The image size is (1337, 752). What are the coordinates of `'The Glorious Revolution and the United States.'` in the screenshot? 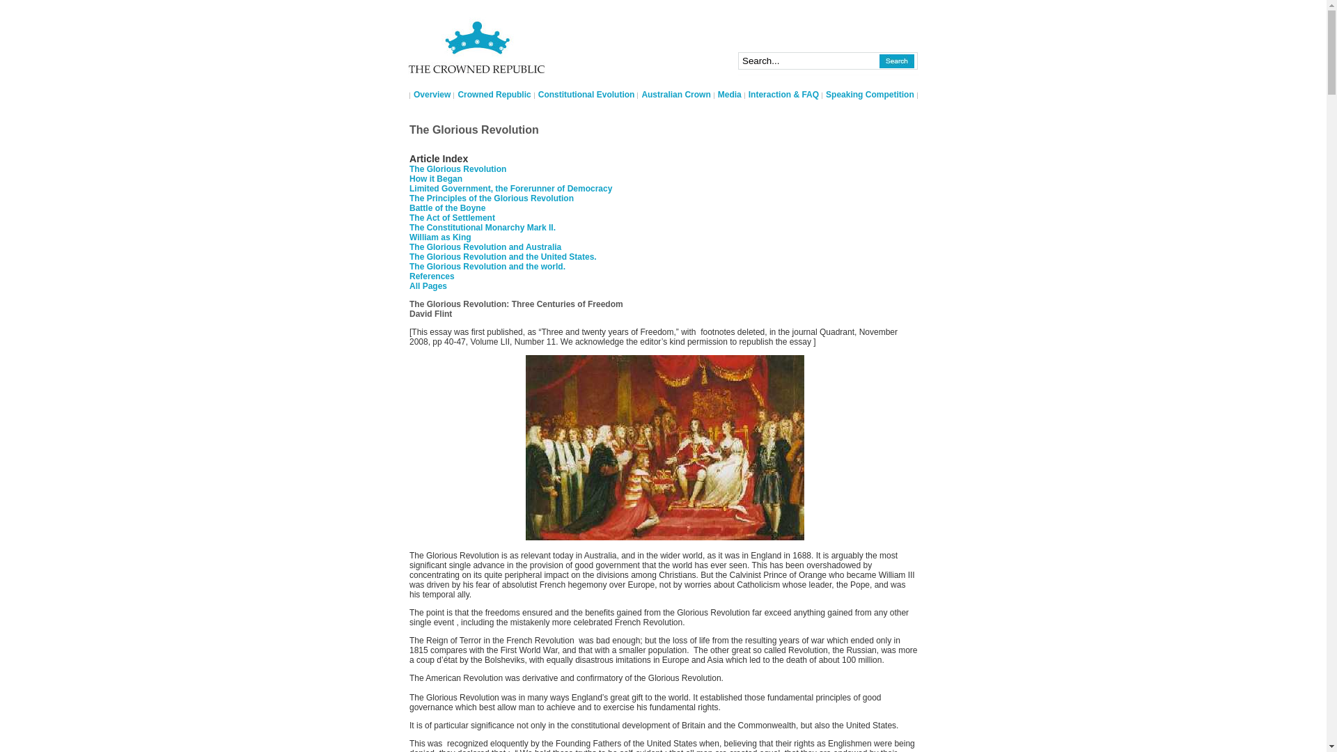 It's located at (502, 257).